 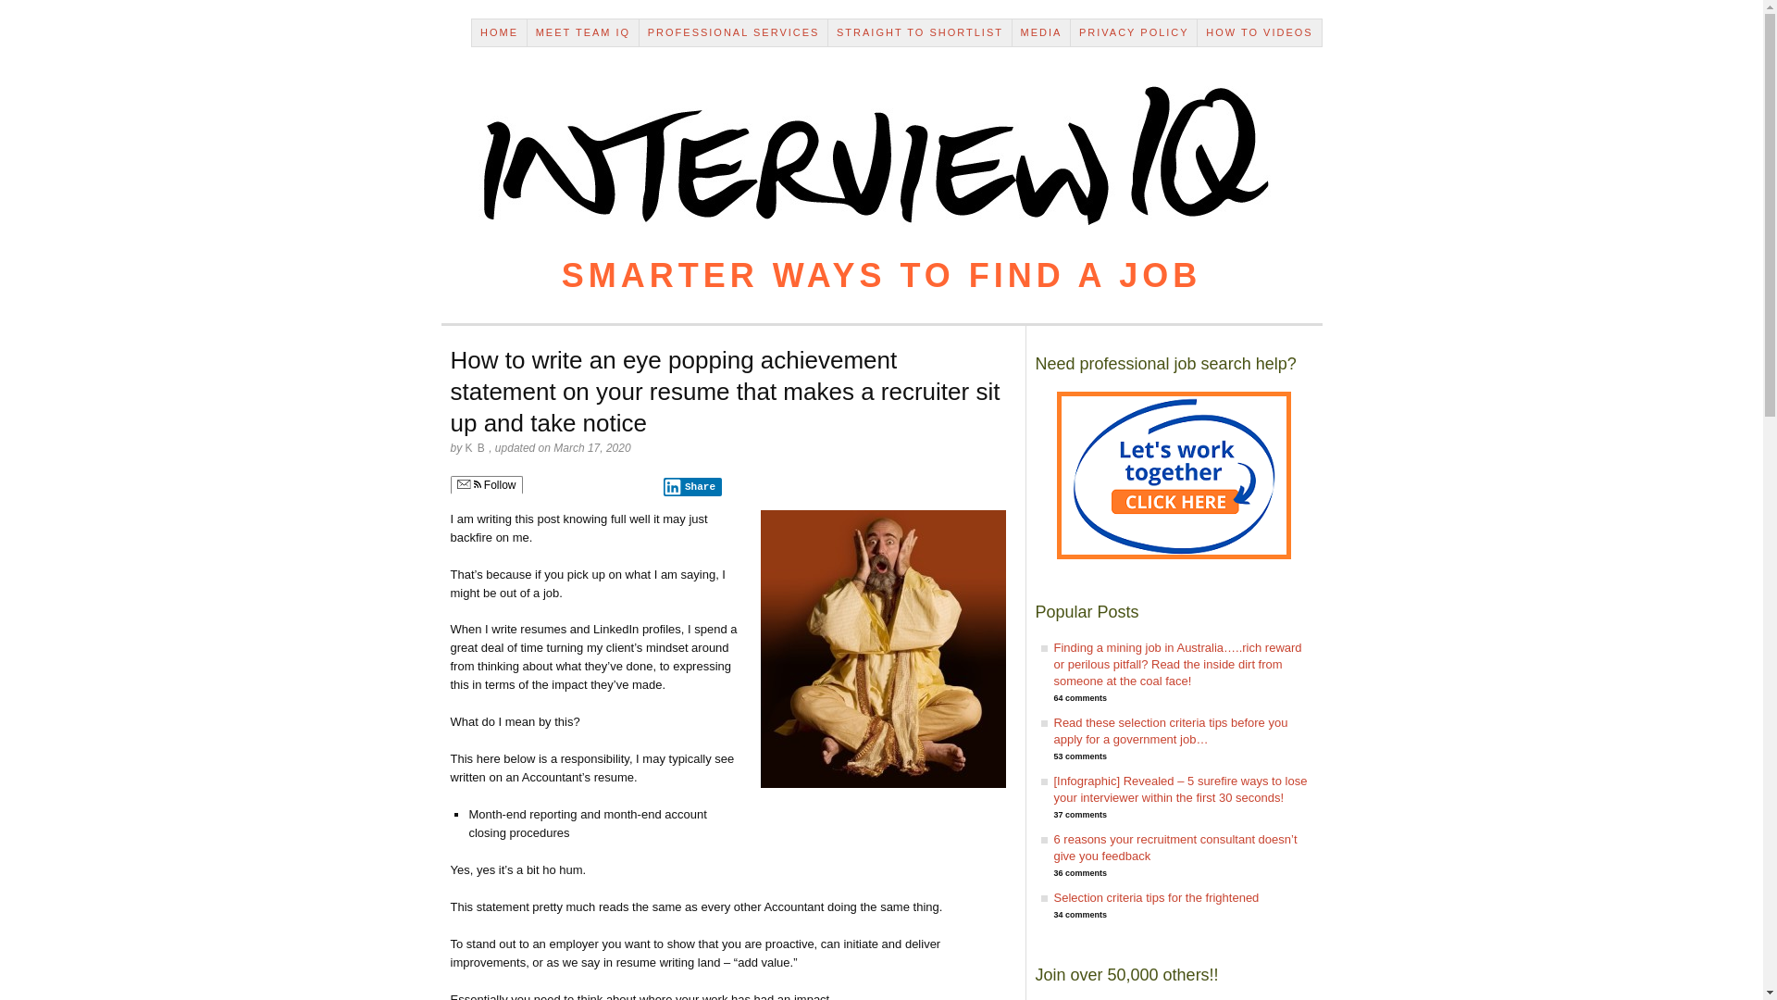 What do you see at coordinates (1133, 32) in the screenshot?
I see `'PRIVACY POLICY'` at bounding box center [1133, 32].